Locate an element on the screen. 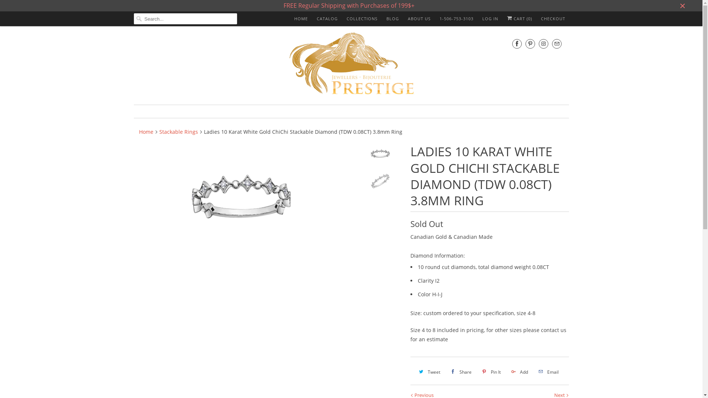  'ABOUT US' is located at coordinates (419, 18).